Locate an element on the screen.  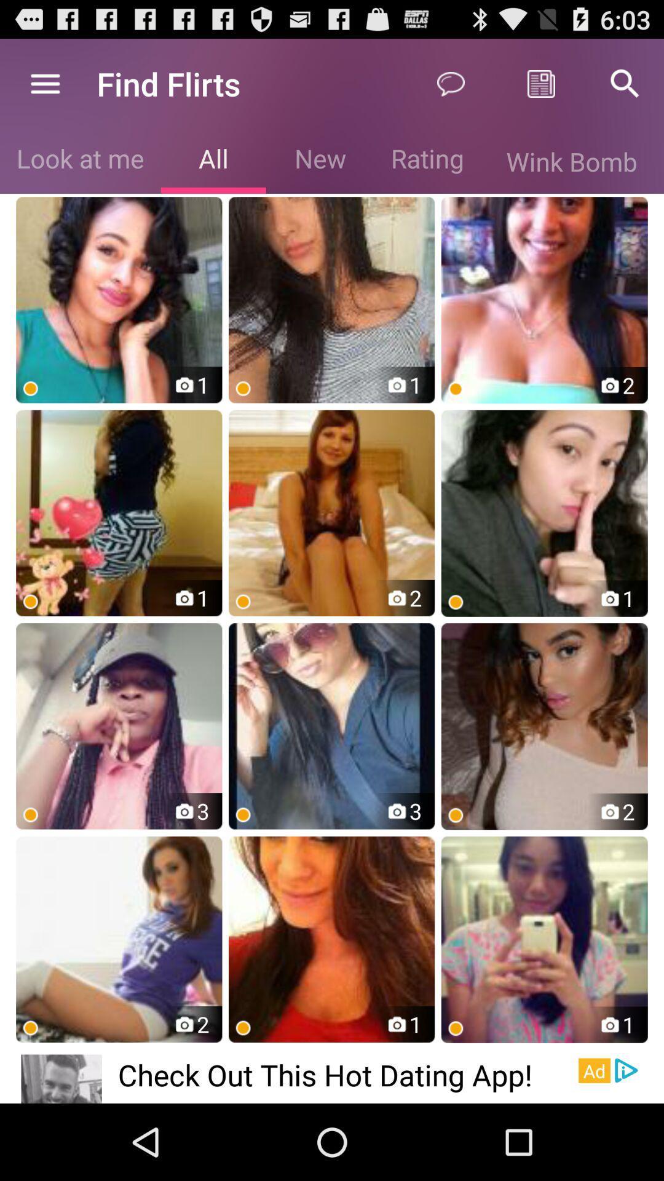
icon next to new is located at coordinates (427, 161).